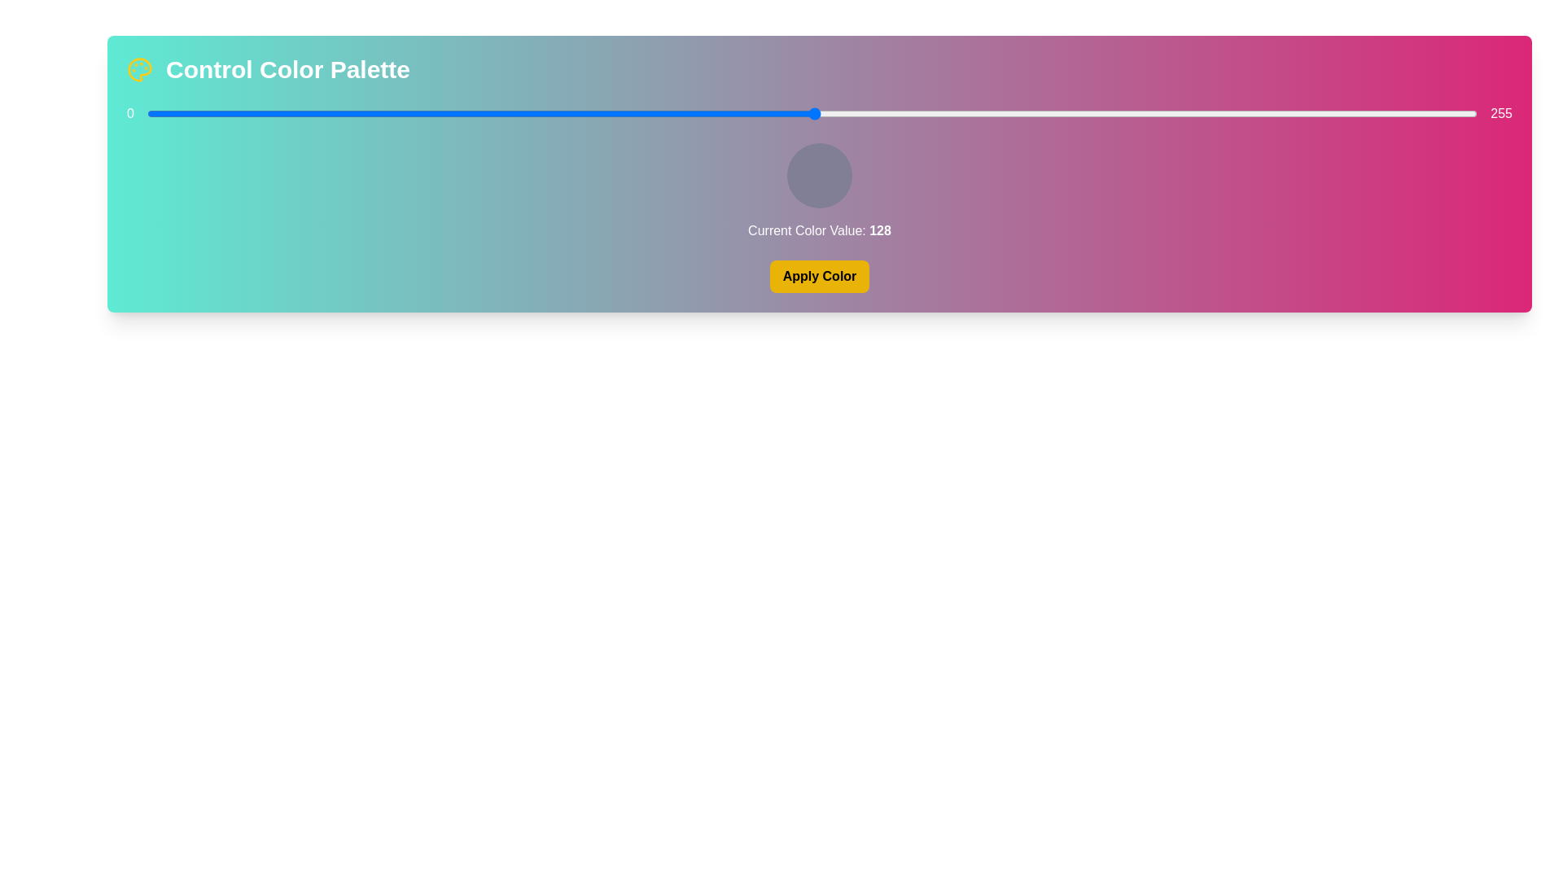 This screenshot has height=879, width=1563. What do you see at coordinates (820, 275) in the screenshot?
I see `the 'Apply Color' button` at bounding box center [820, 275].